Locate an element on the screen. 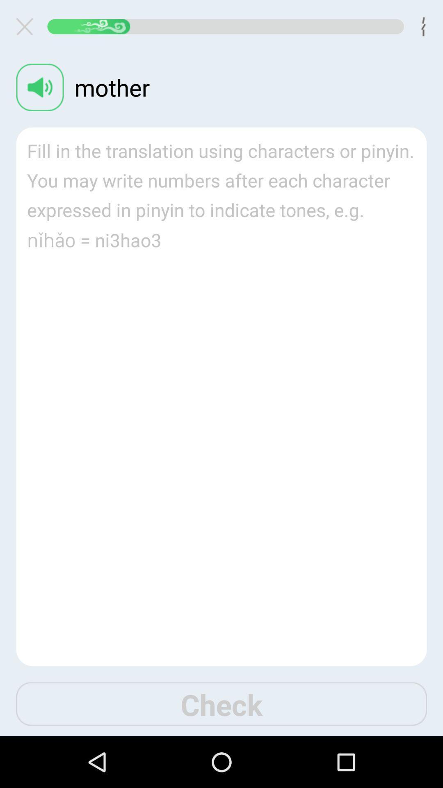 The image size is (443, 788). control your volume is located at coordinates (40, 87).